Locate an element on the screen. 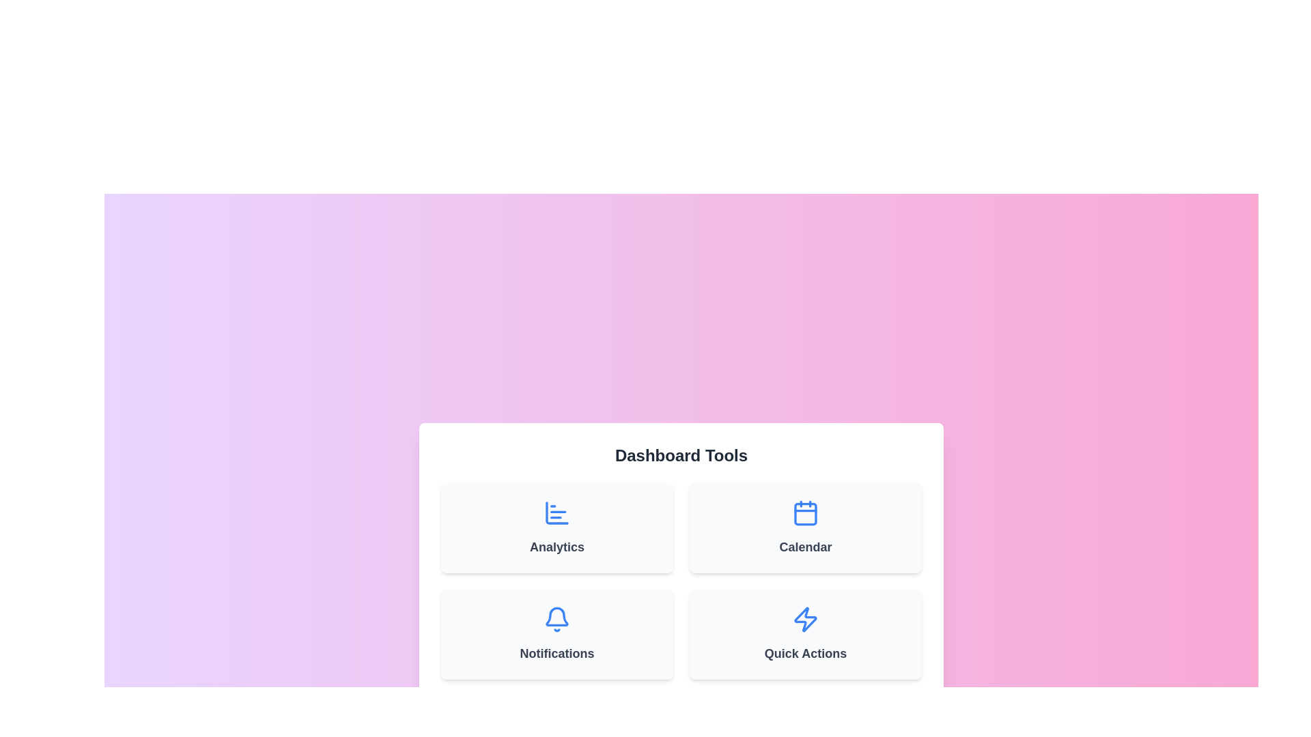 Image resolution: width=1311 pixels, height=737 pixels. the blue bar-chart icon located at the top center of the 'Analytics' card, directly above the text 'Analytics' is located at coordinates (557, 513).